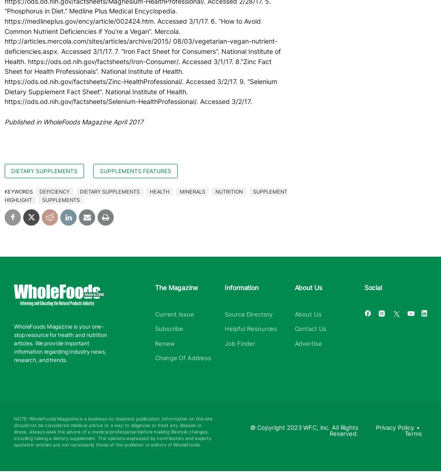 This screenshot has width=441, height=473. I want to click on 'Subscribe', so click(169, 329).